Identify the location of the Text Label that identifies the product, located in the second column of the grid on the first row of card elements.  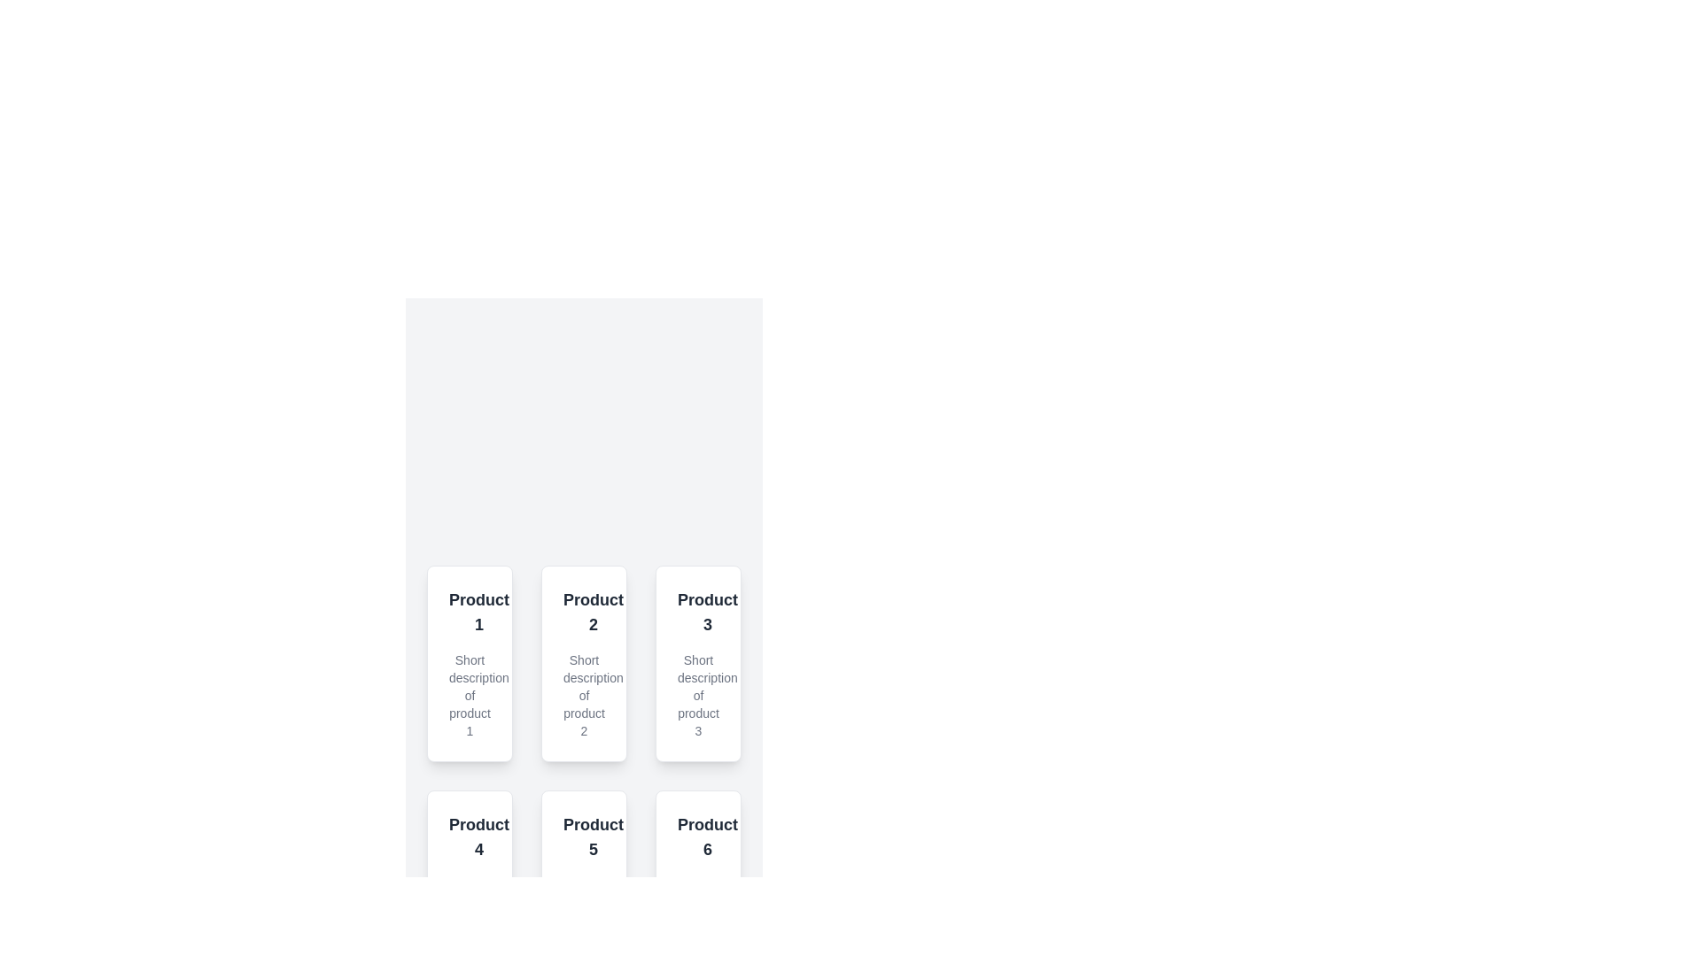
(594, 611).